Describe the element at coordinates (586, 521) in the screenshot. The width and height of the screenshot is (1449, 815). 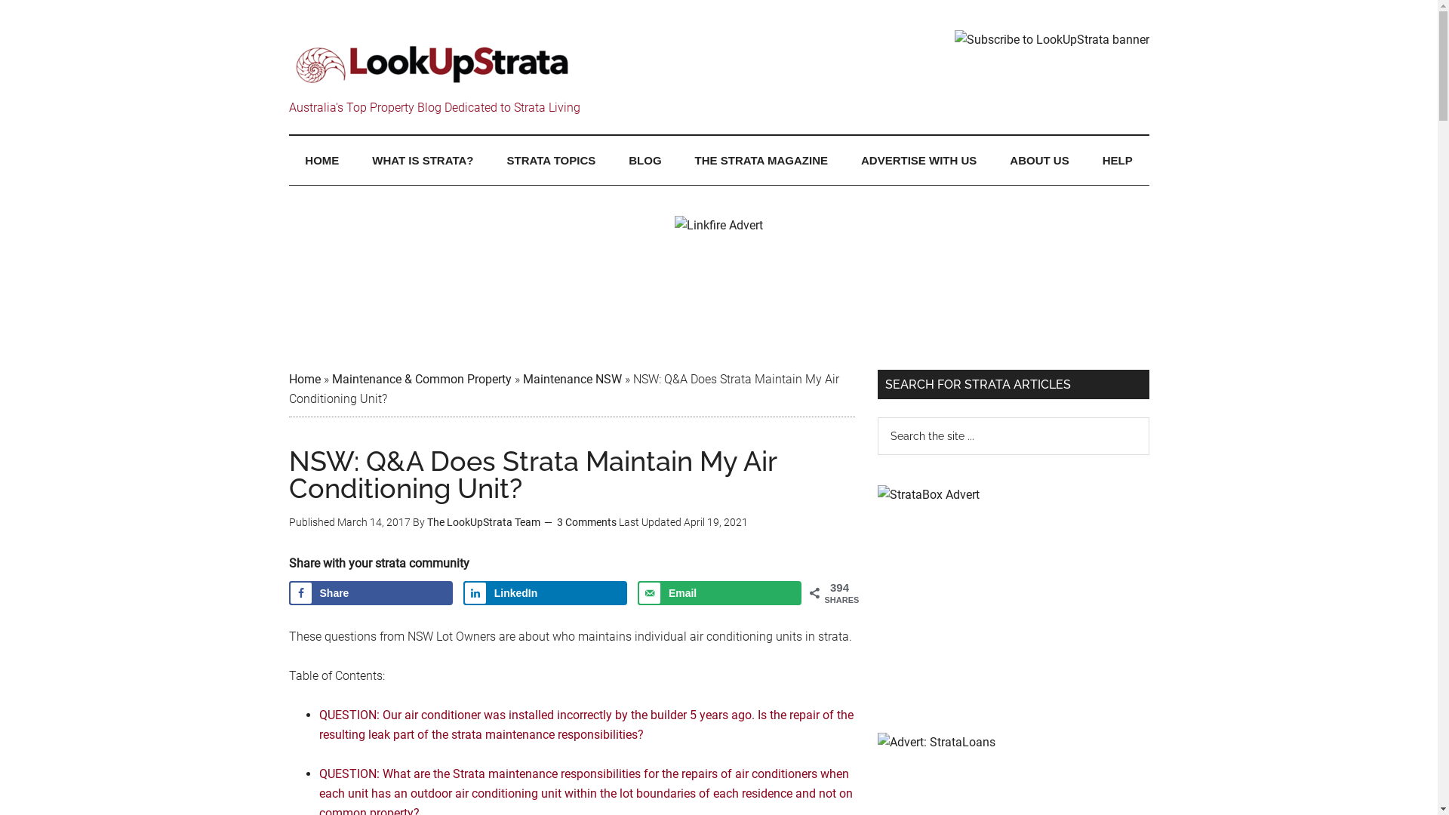
I see `'3 Comments'` at that location.